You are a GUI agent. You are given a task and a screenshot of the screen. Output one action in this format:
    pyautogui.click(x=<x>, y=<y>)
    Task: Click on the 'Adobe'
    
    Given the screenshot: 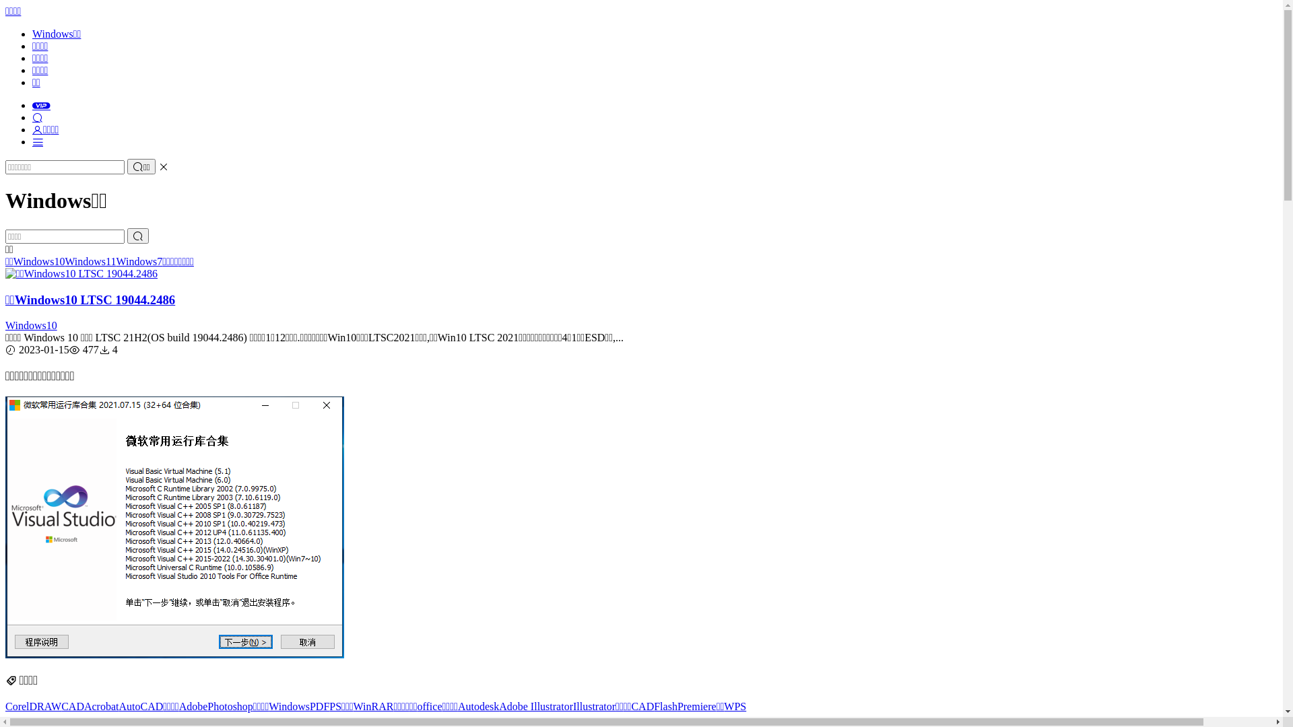 What is the action you would take?
    pyautogui.click(x=193, y=705)
    